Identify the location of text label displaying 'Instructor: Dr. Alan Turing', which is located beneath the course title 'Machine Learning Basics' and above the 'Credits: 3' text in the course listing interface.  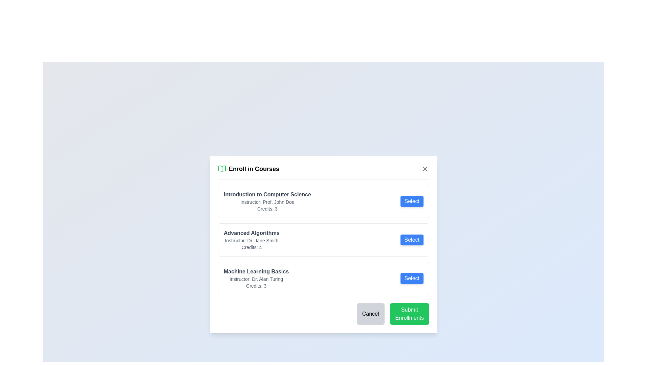
(256, 279).